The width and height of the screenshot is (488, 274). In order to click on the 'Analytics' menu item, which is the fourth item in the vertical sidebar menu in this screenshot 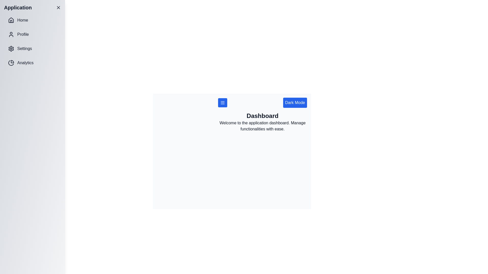, I will do `click(32, 62)`.